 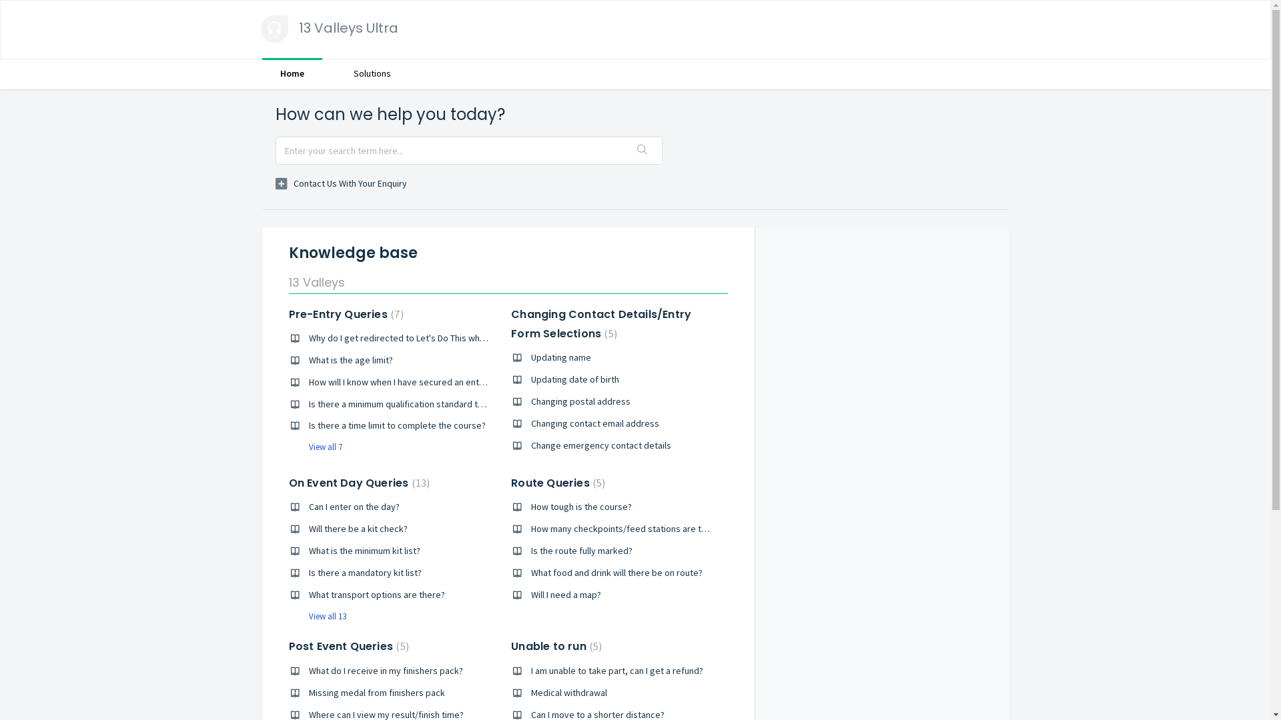 I want to click on 'Can I enter on the day?', so click(x=353, y=506).